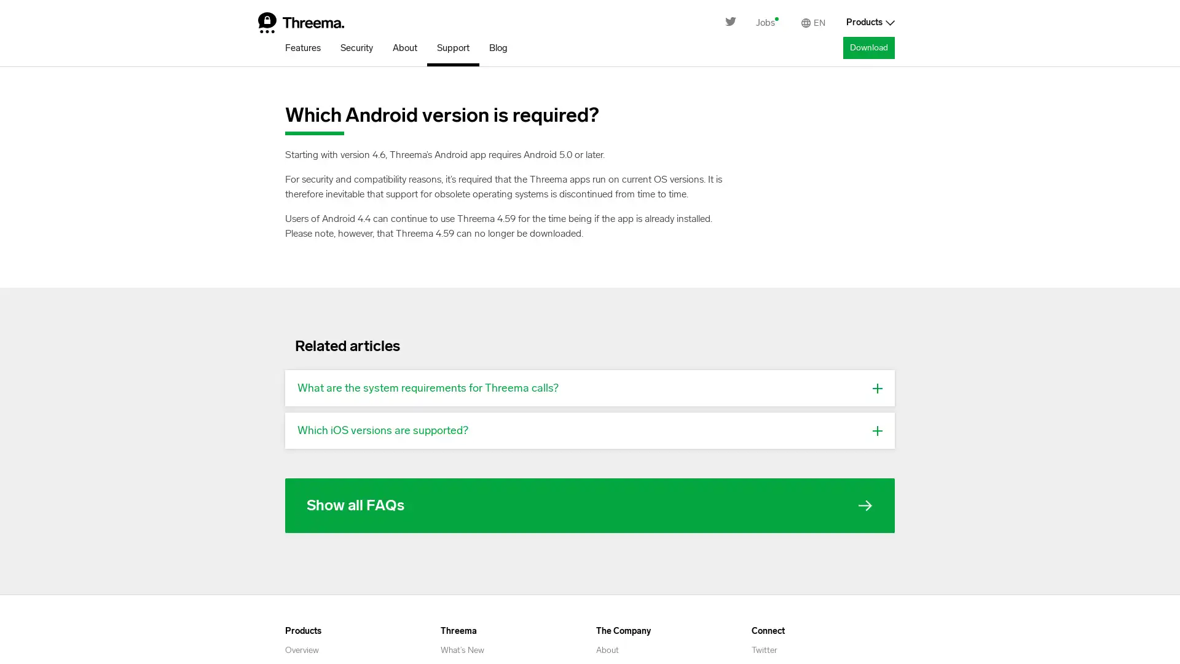 Image resolution: width=1180 pixels, height=664 pixels. Describe the element at coordinates (867, 23) in the screenshot. I see `Products` at that location.